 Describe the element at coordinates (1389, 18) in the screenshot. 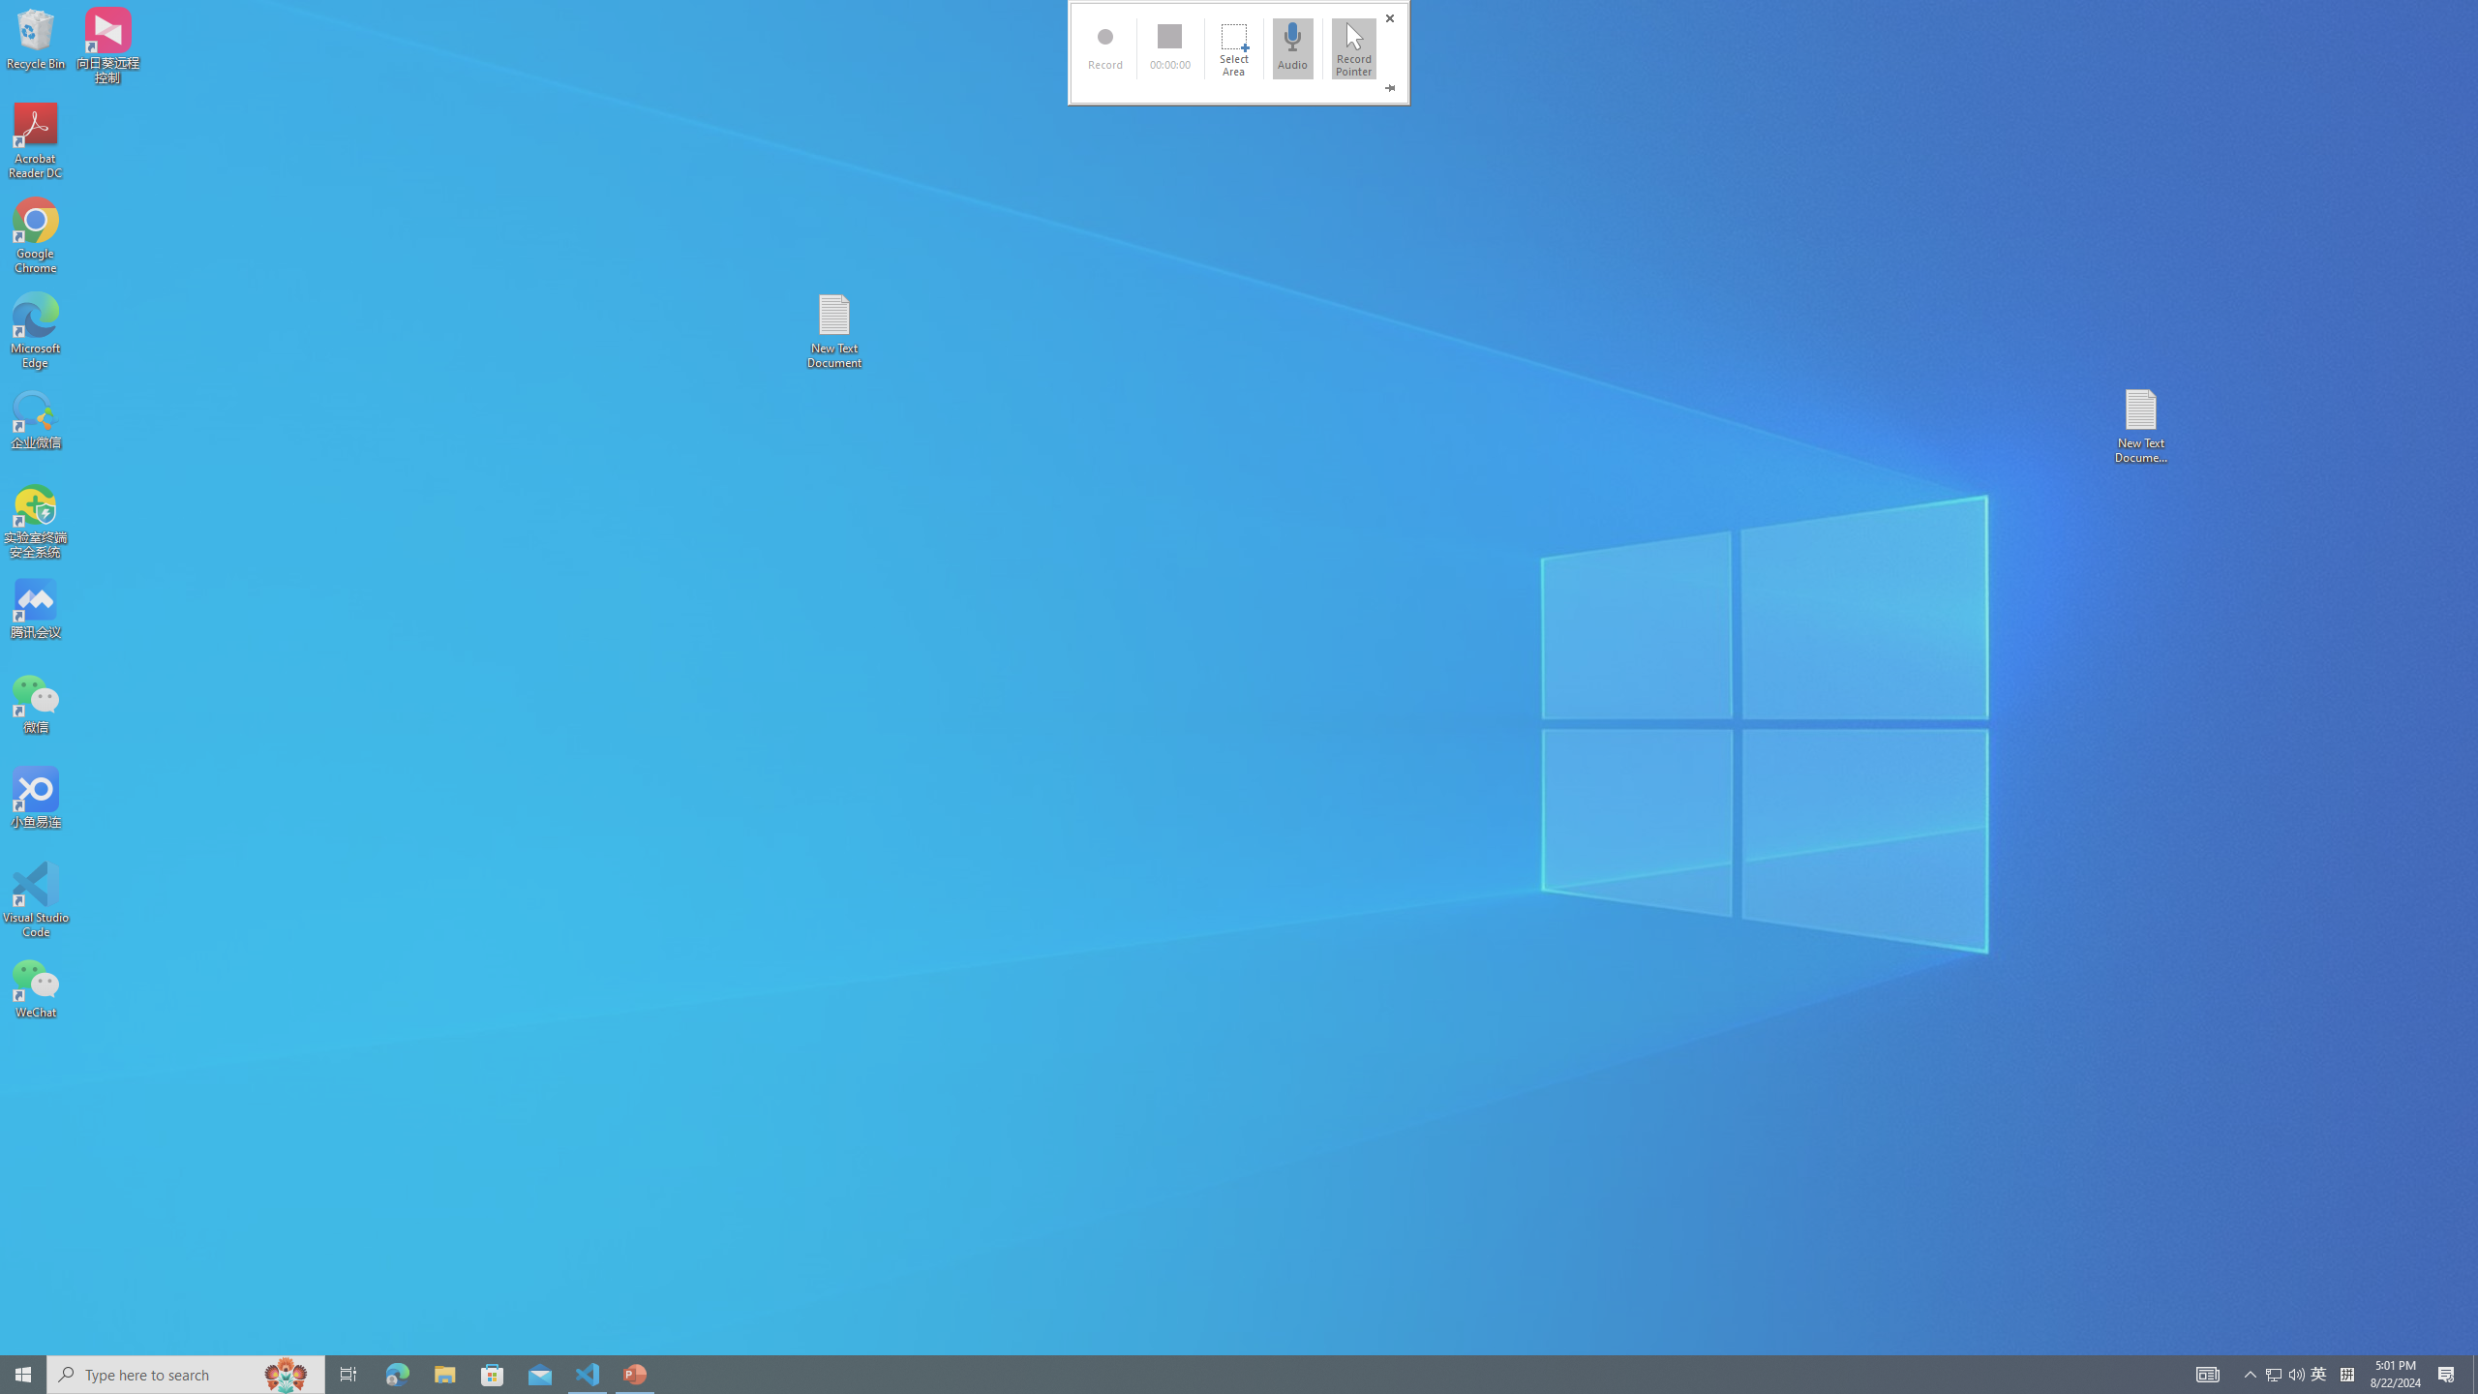

I see `'Close (Windows logo key+Shift+Q)'` at that location.